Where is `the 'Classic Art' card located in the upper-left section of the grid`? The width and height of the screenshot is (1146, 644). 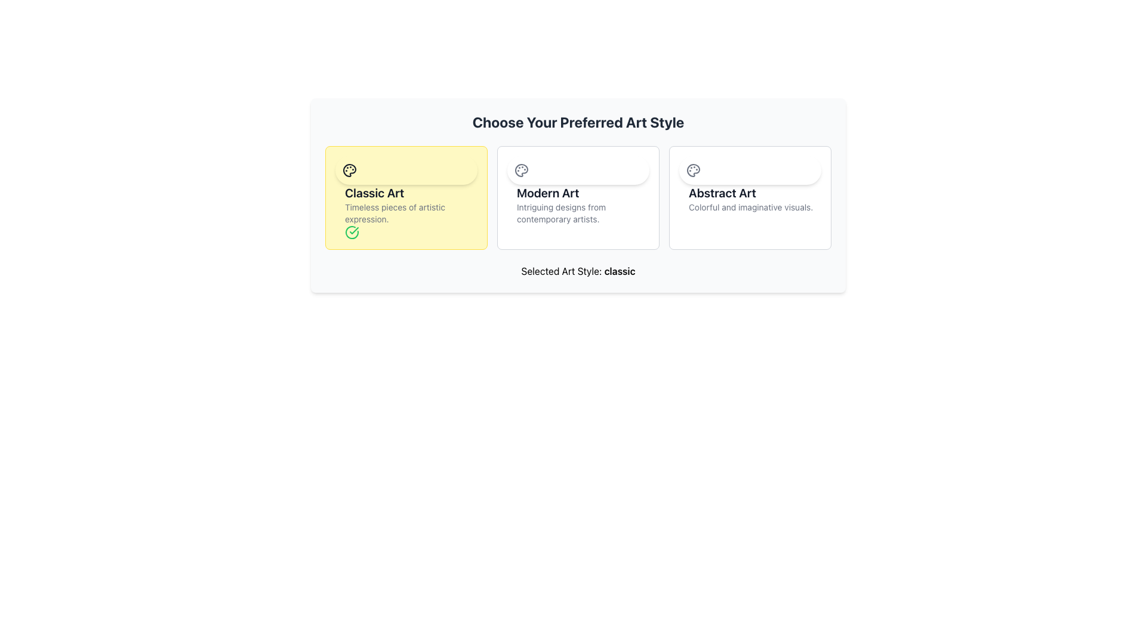 the 'Classic Art' card located in the upper-left section of the grid is located at coordinates (406, 197).